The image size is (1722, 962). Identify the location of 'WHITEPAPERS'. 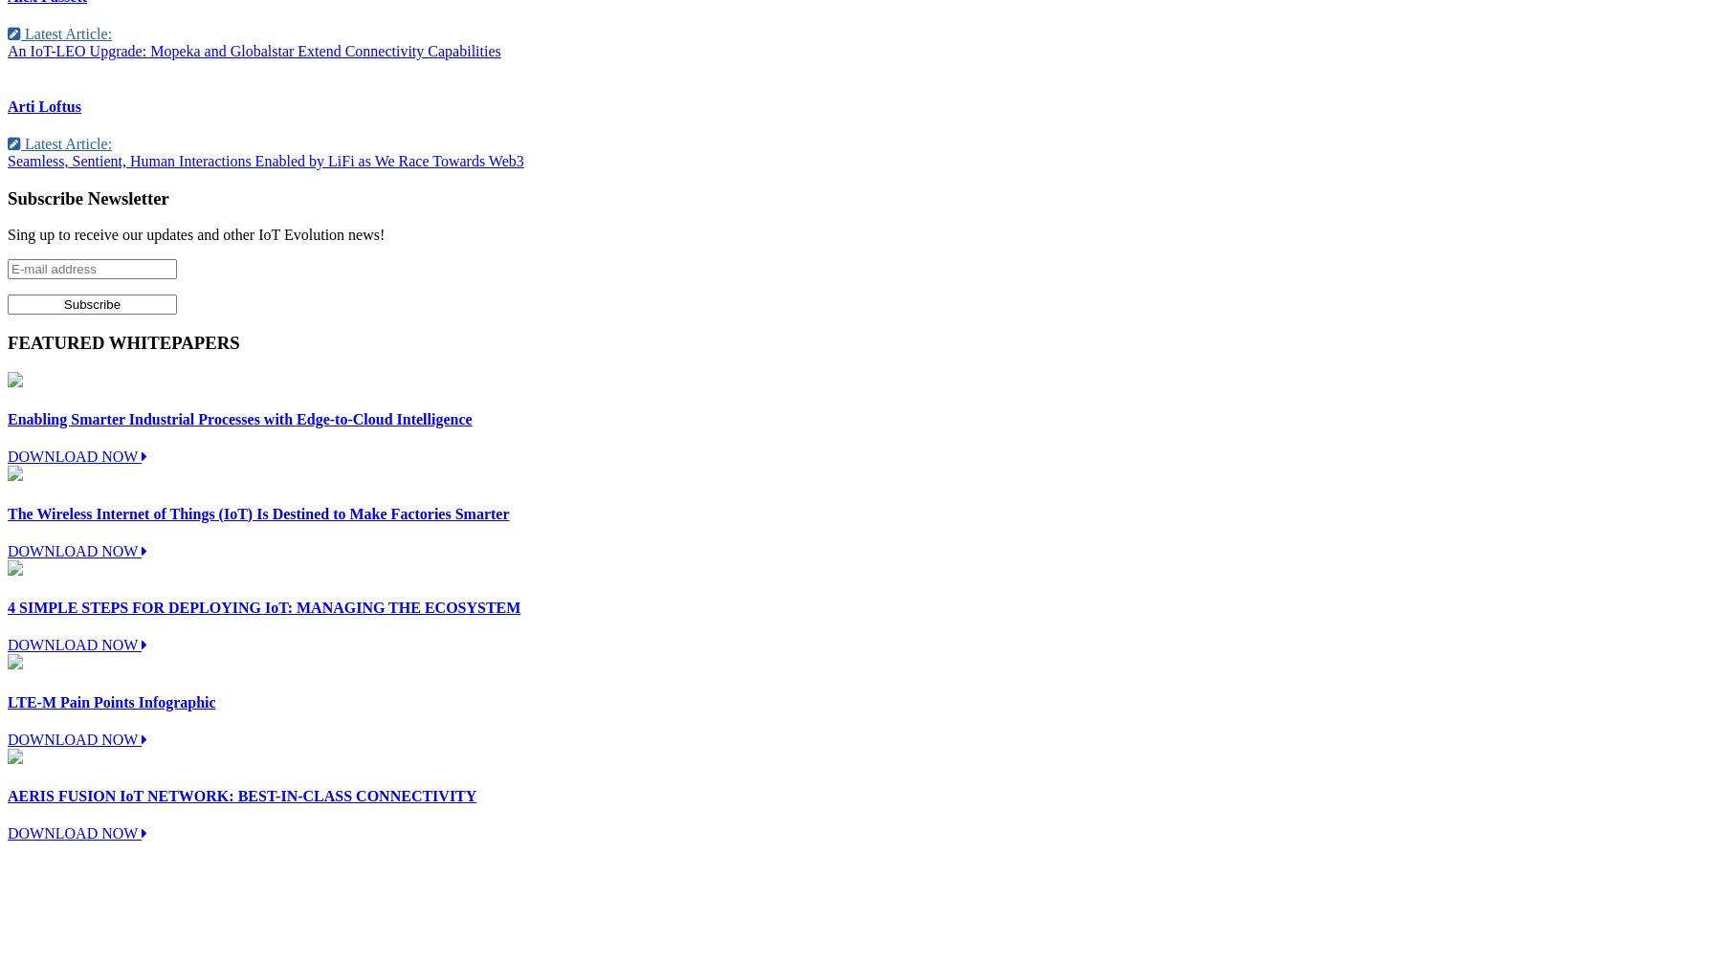
(173, 341).